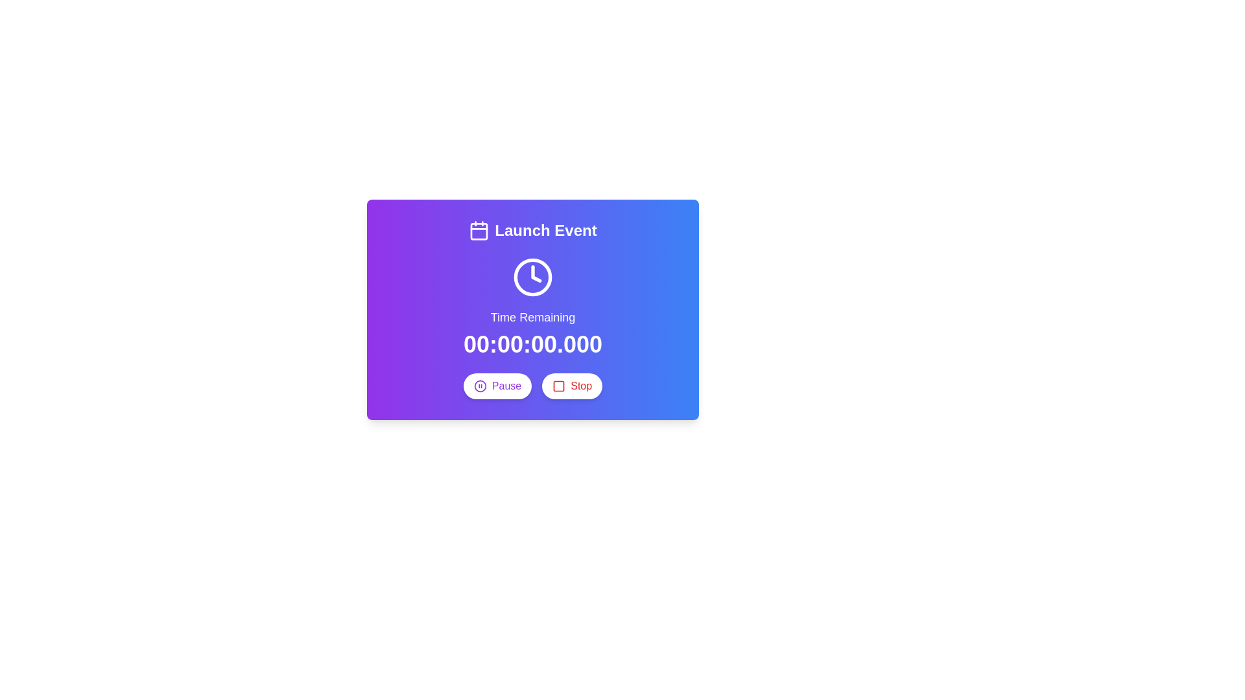 The image size is (1245, 700). I want to click on the 'Stop' button, which is styled with rounded corners, a white background, and red text, located to the right of the 'Pause' button in the button group below the 'Time Remaining' text, so click(571, 386).